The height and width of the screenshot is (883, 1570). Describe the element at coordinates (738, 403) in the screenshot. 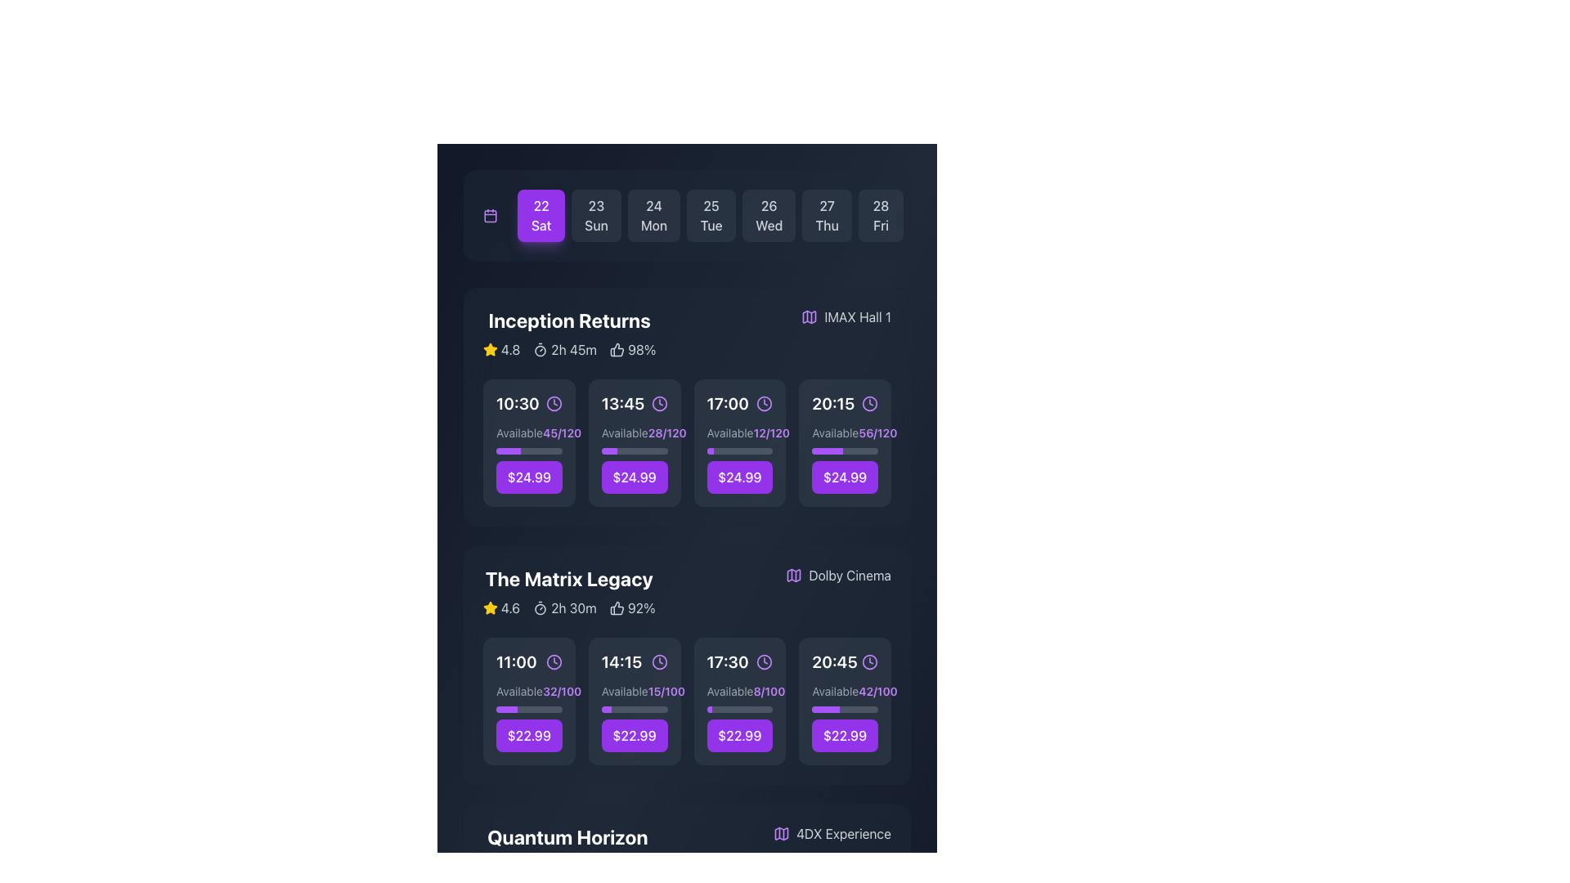

I see `displayed time from the third time slot in the 'Inception Returns' section, which represents a selectable event time` at that location.